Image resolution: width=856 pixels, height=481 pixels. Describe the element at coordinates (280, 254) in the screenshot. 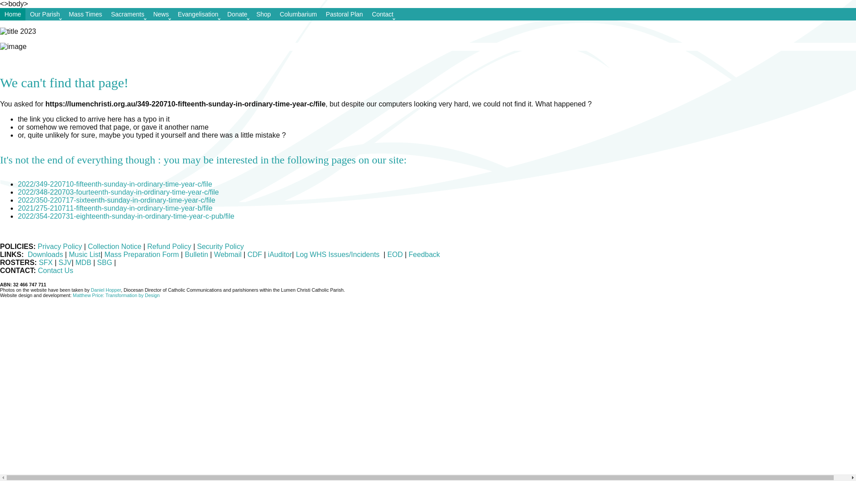

I see `'iAuditor'` at that location.